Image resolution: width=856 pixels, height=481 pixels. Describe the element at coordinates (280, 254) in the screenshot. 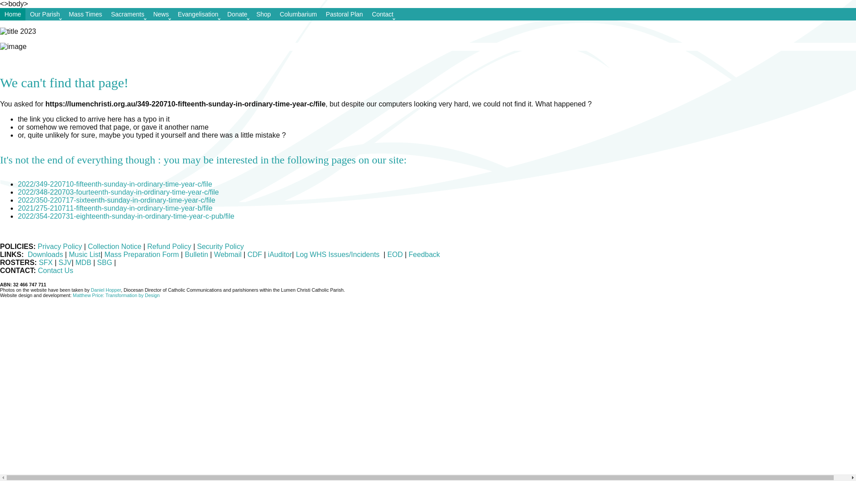

I see `'iAuditor'` at that location.